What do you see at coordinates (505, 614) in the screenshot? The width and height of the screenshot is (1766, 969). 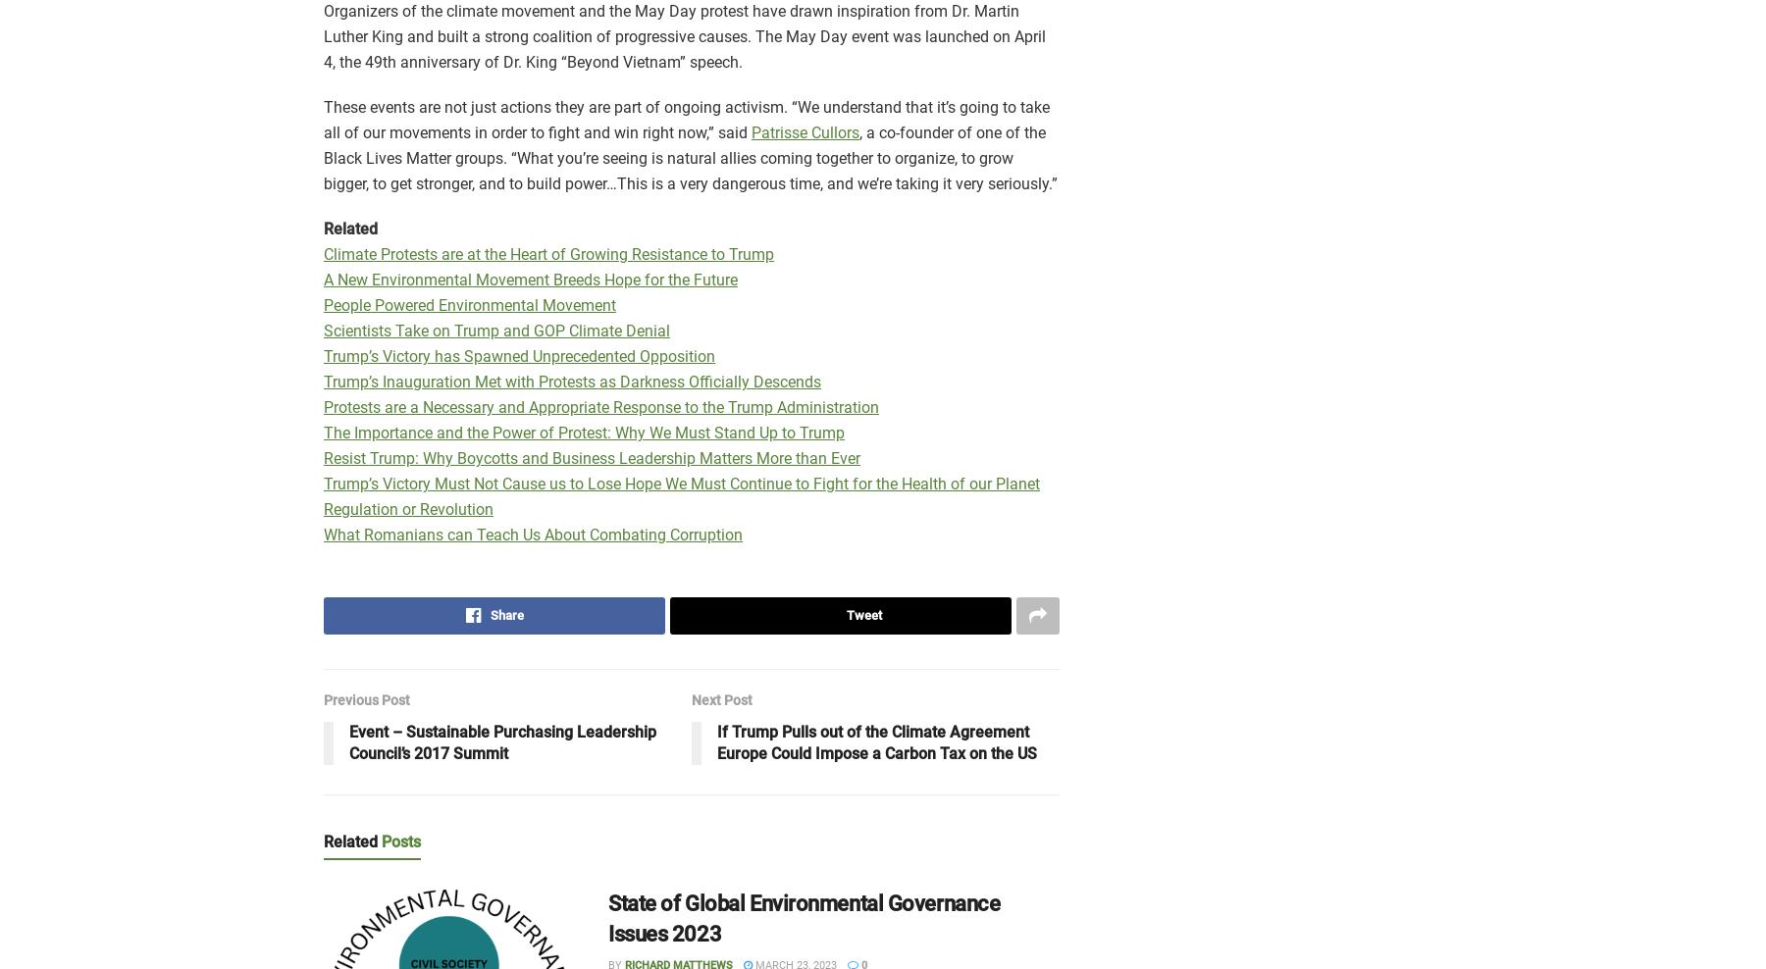 I see `'Share'` at bounding box center [505, 614].